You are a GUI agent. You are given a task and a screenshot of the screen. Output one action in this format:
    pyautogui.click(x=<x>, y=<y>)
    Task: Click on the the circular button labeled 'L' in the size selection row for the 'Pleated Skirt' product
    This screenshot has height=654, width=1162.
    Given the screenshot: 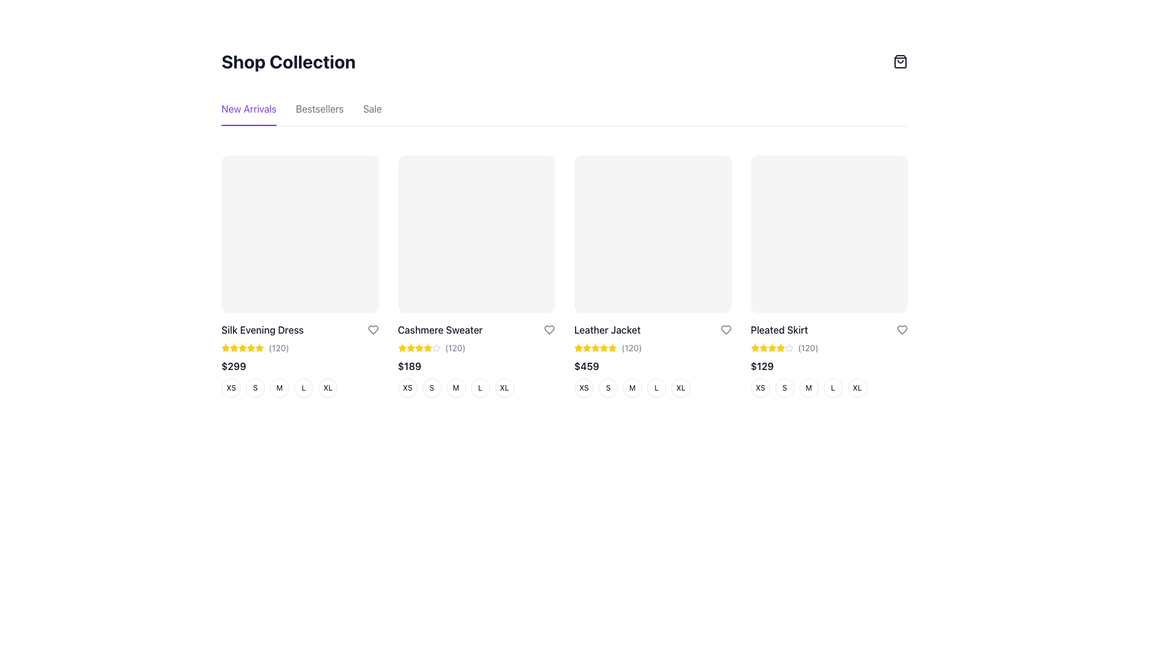 What is the action you would take?
    pyautogui.click(x=828, y=388)
    